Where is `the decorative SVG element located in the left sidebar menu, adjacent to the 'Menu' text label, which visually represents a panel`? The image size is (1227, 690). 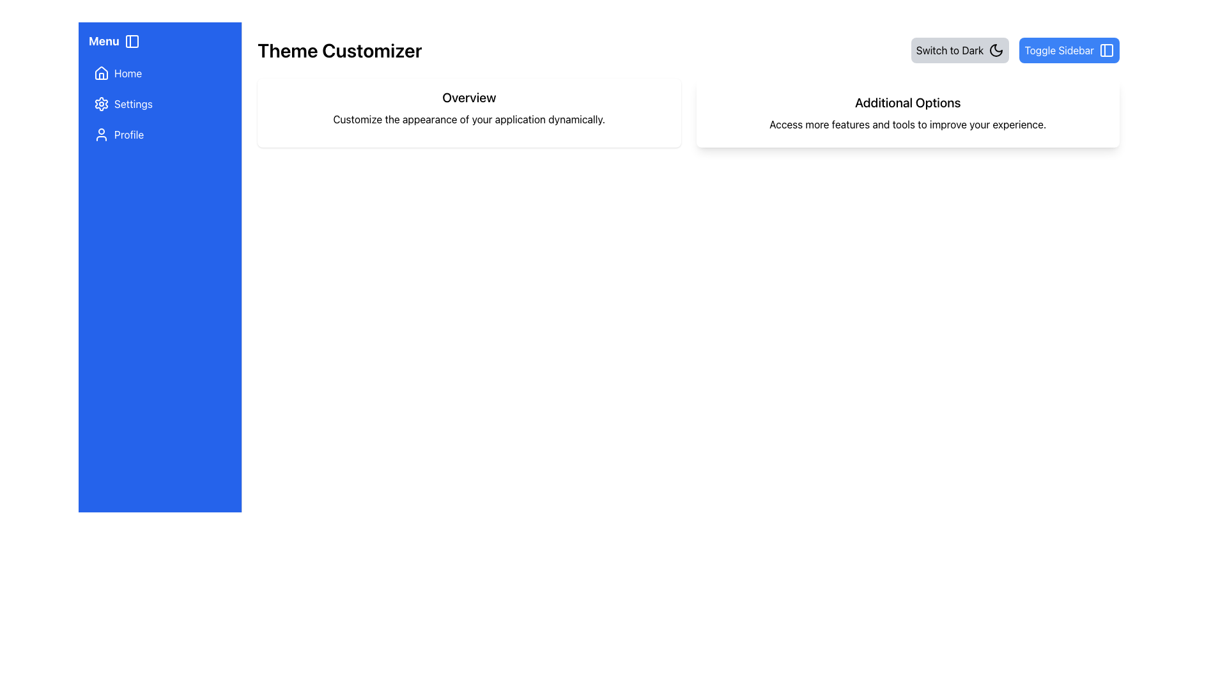
the decorative SVG element located in the left sidebar menu, adjacent to the 'Menu' text label, which visually represents a panel is located at coordinates (132, 41).